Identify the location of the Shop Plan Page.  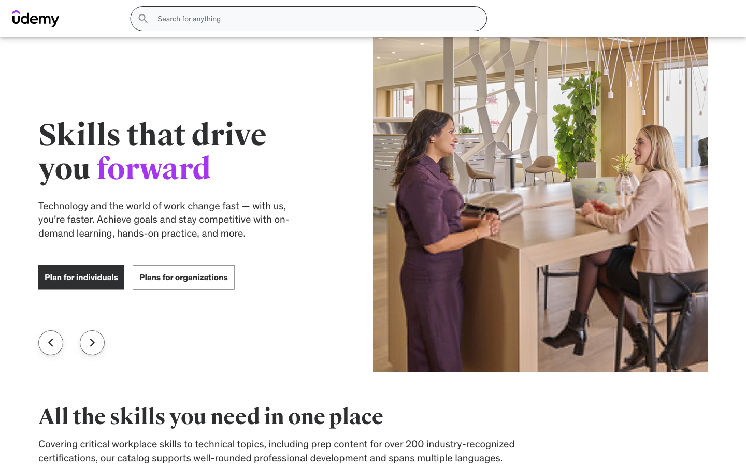
(237, 46).